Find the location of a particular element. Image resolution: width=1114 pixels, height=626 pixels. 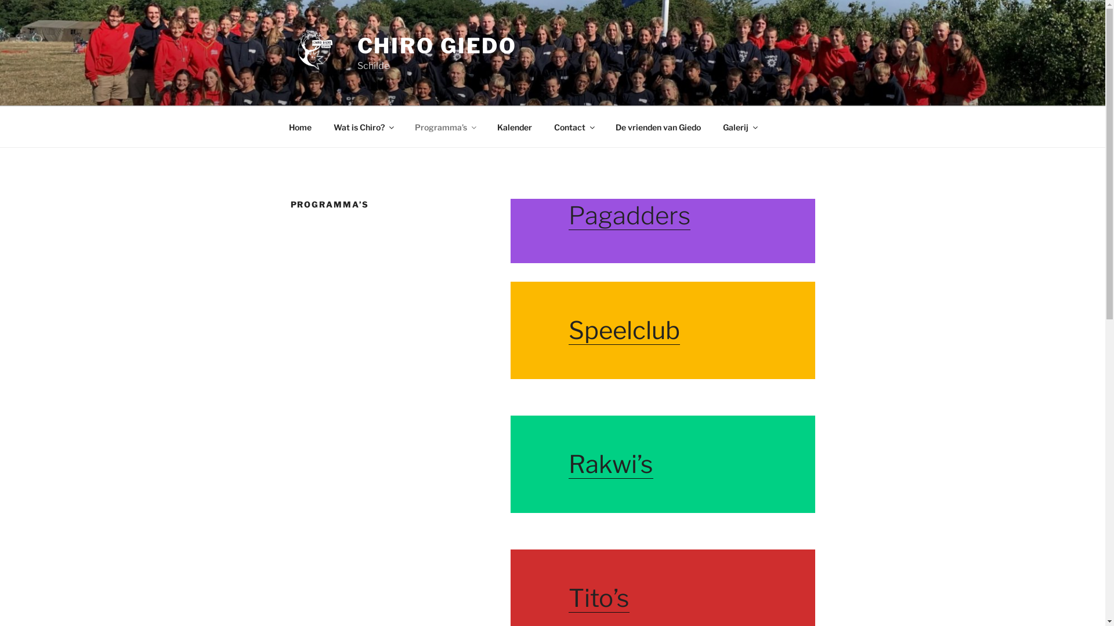

'Kalender' is located at coordinates (514, 126).